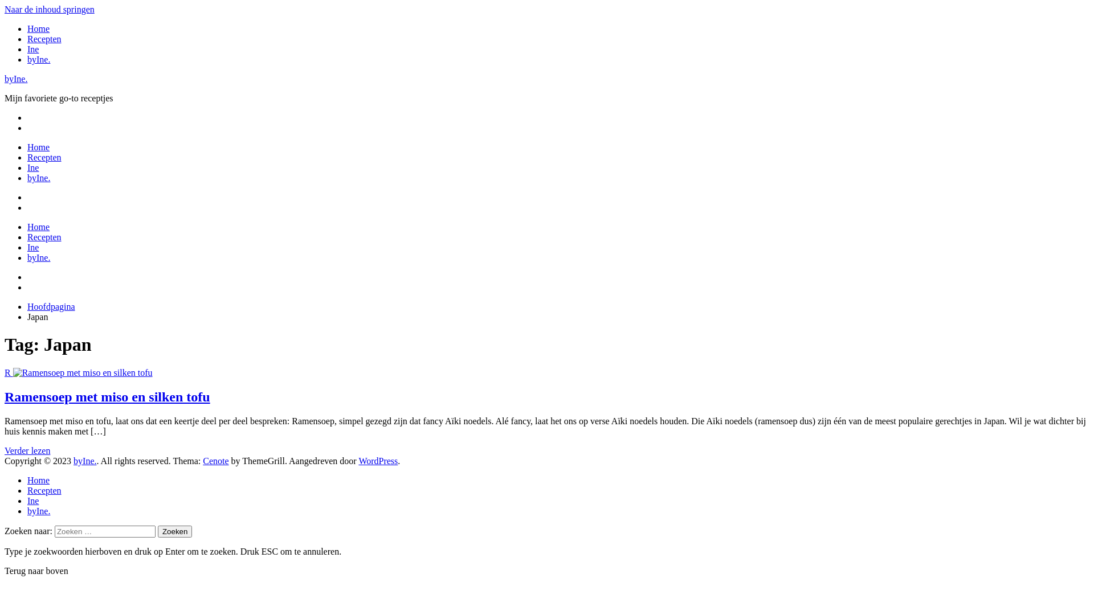 The height and width of the screenshot is (615, 1094). I want to click on 'Hoofdpagina', so click(51, 306).